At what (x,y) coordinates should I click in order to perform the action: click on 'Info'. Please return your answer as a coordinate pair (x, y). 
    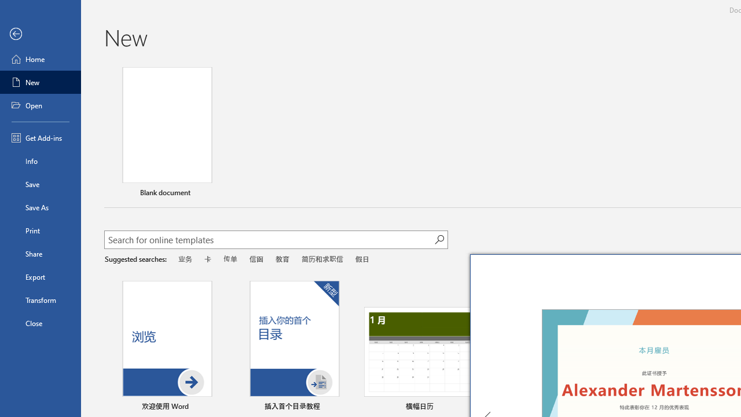
    Looking at the image, I should click on (40, 160).